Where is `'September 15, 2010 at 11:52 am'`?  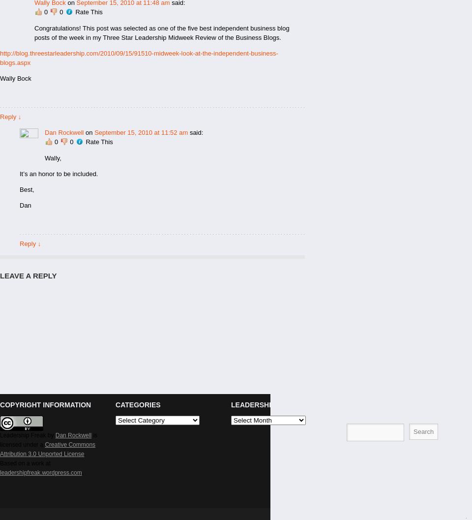
'September 15, 2010 at 11:52 am' is located at coordinates (141, 132).